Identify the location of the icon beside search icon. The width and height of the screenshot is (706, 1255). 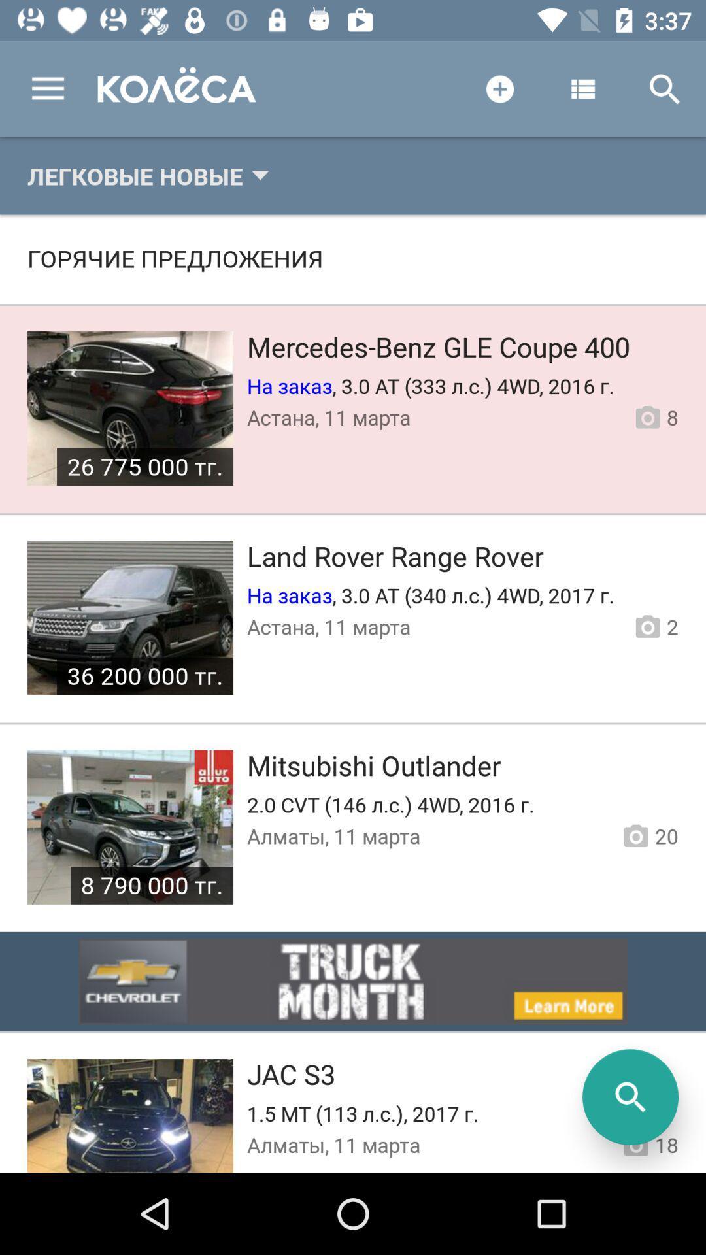
(582, 89).